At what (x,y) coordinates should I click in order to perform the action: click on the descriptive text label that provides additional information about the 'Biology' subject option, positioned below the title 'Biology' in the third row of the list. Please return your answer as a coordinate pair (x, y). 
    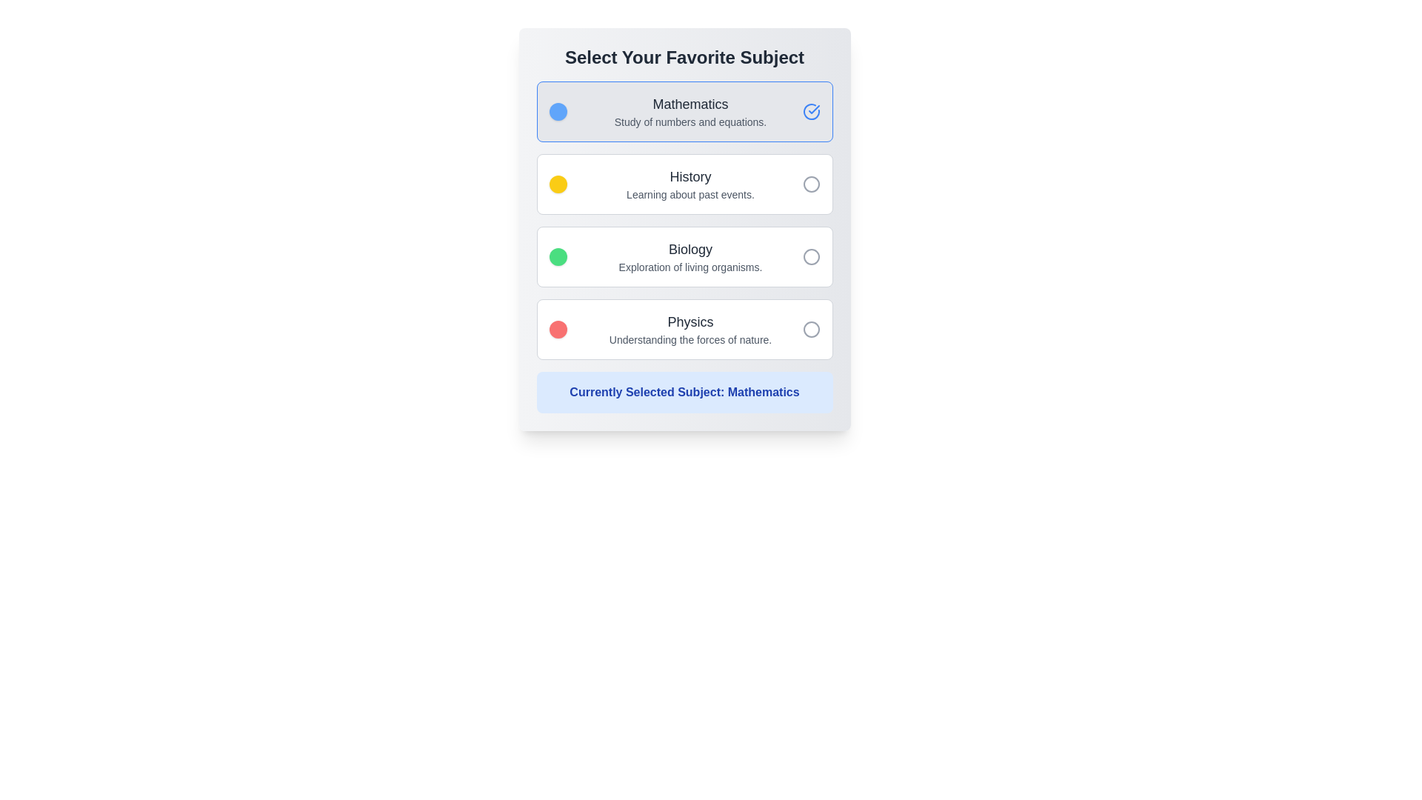
    Looking at the image, I should click on (690, 267).